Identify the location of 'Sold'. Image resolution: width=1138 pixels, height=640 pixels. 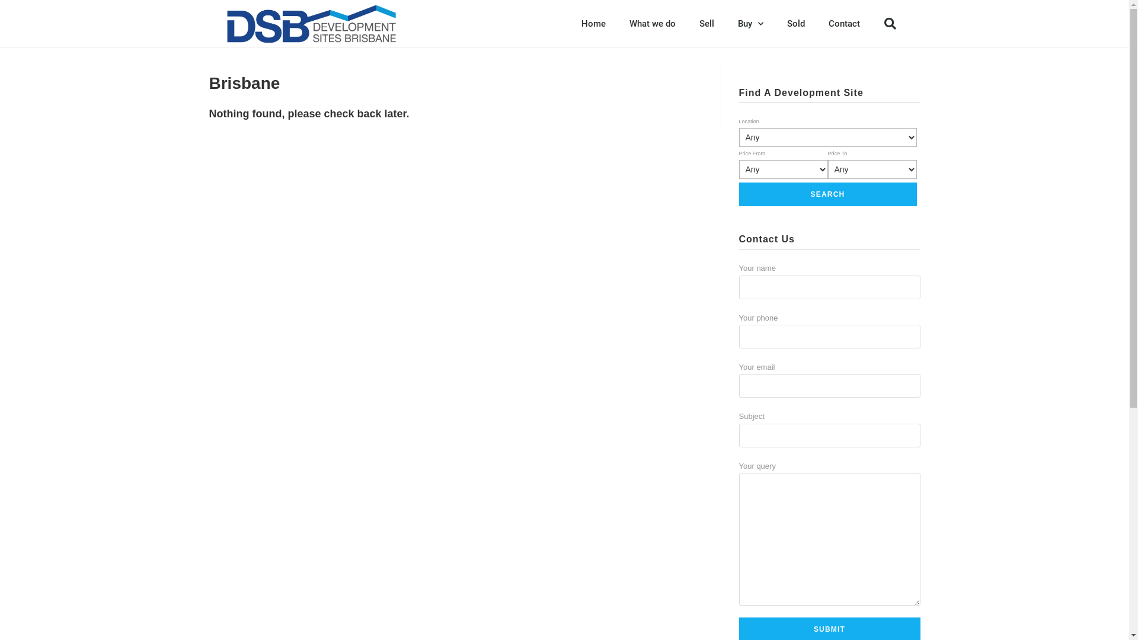
(775, 23).